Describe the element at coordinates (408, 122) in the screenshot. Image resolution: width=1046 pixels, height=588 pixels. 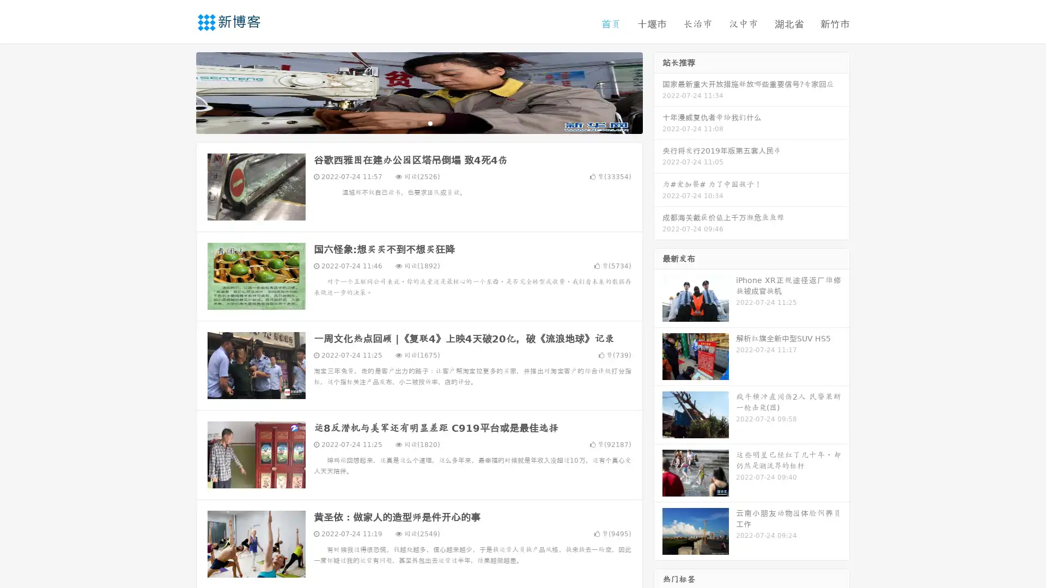
I see `Go to slide 1` at that location.